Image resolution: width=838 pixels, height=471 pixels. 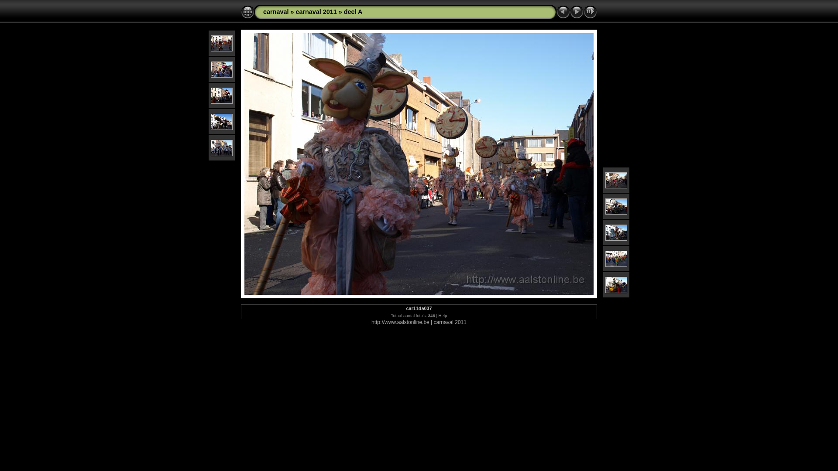 What do you see at coordinates (247, 12) in the screenshot?
I see `' Inhoudspagina '` at bounding box center [247, 12].